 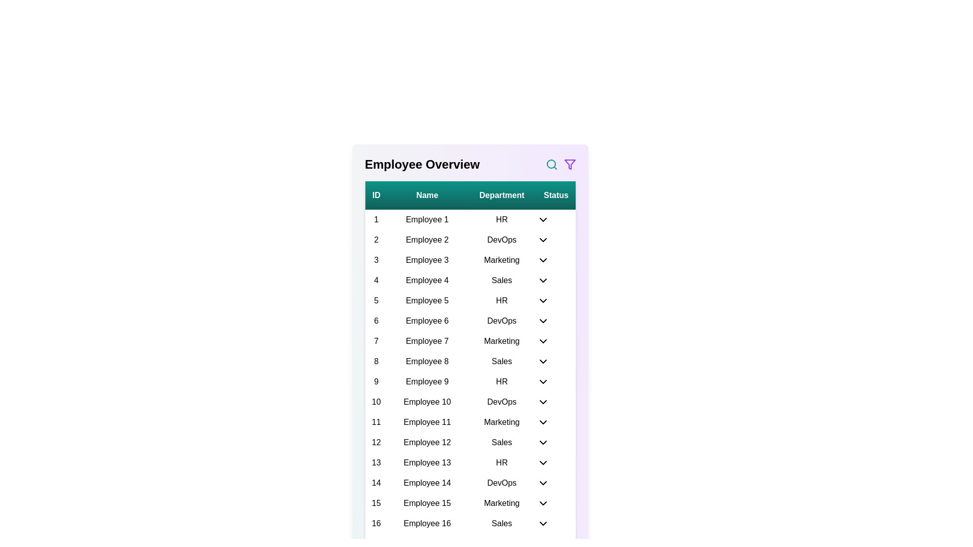 I want to click on the search icon to initiate a search, so click(x=551, y=164).